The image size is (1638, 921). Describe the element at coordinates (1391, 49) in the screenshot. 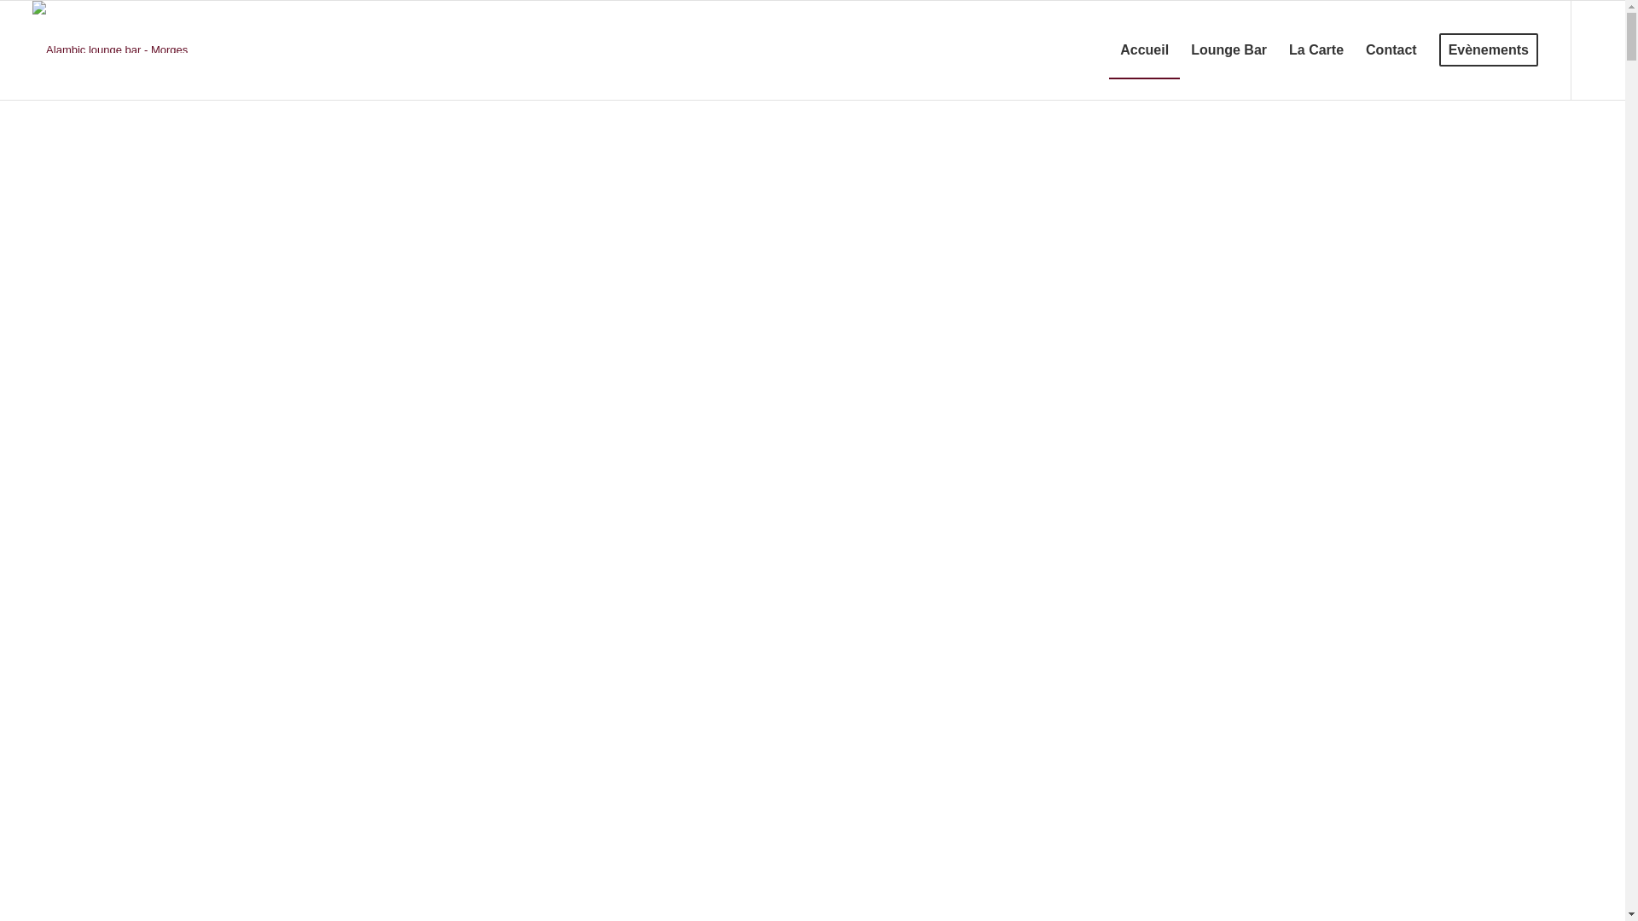

I see `'Contact'` at that location.